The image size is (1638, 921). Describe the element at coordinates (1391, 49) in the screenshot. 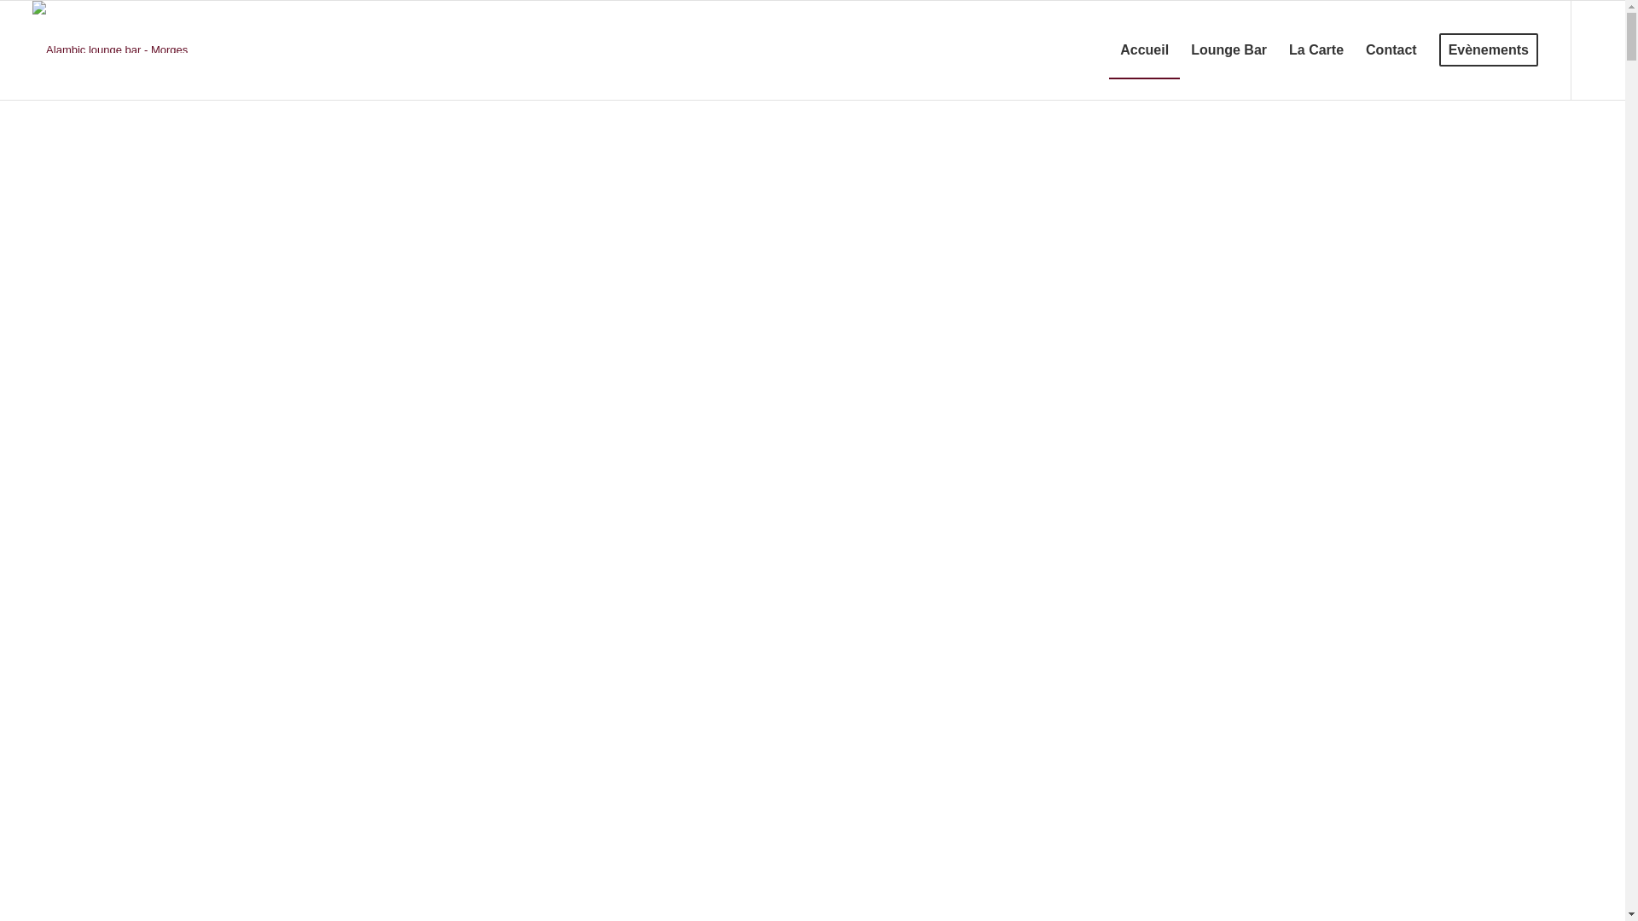

I see `'Contact'` at that location.